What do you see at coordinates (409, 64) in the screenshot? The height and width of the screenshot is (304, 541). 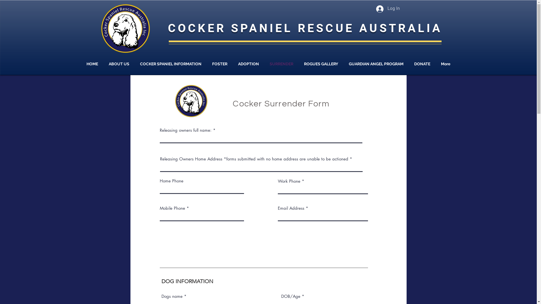 I see `'DONATE'` at bounding box center [409, 64].